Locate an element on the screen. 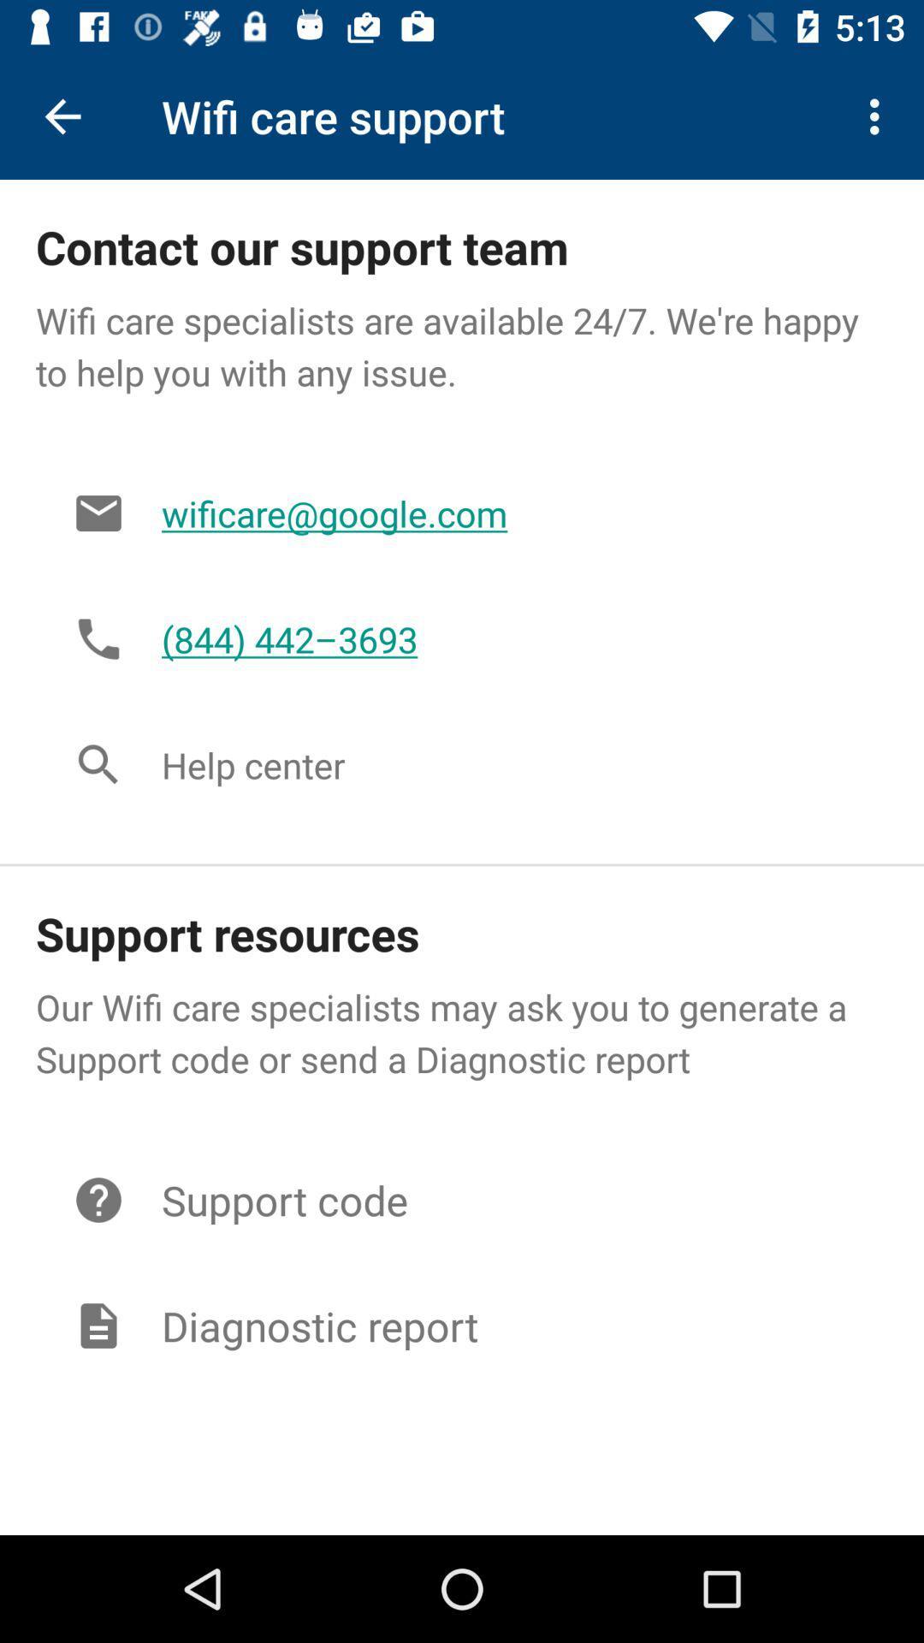  the icon at the top right corner is located at coordinates (879, 116).